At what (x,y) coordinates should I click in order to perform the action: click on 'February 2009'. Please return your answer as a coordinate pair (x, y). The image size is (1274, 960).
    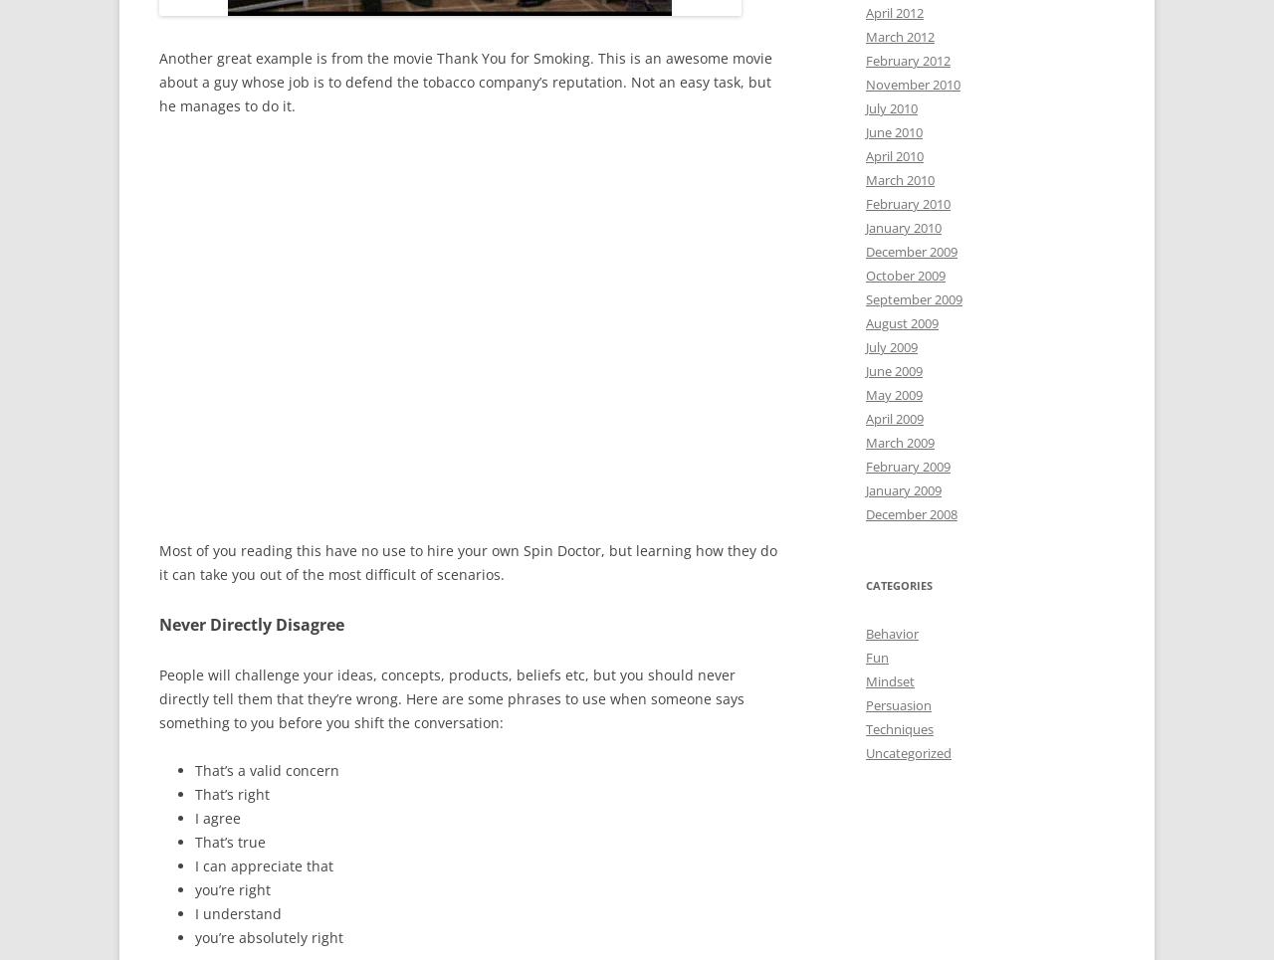
    Looking at the image, I should click on (907, 465).